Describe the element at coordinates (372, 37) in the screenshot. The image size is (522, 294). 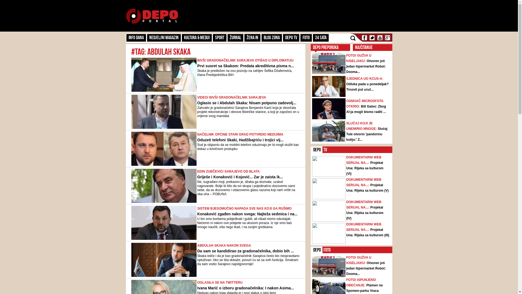
I see `'Twitter'` at that location.